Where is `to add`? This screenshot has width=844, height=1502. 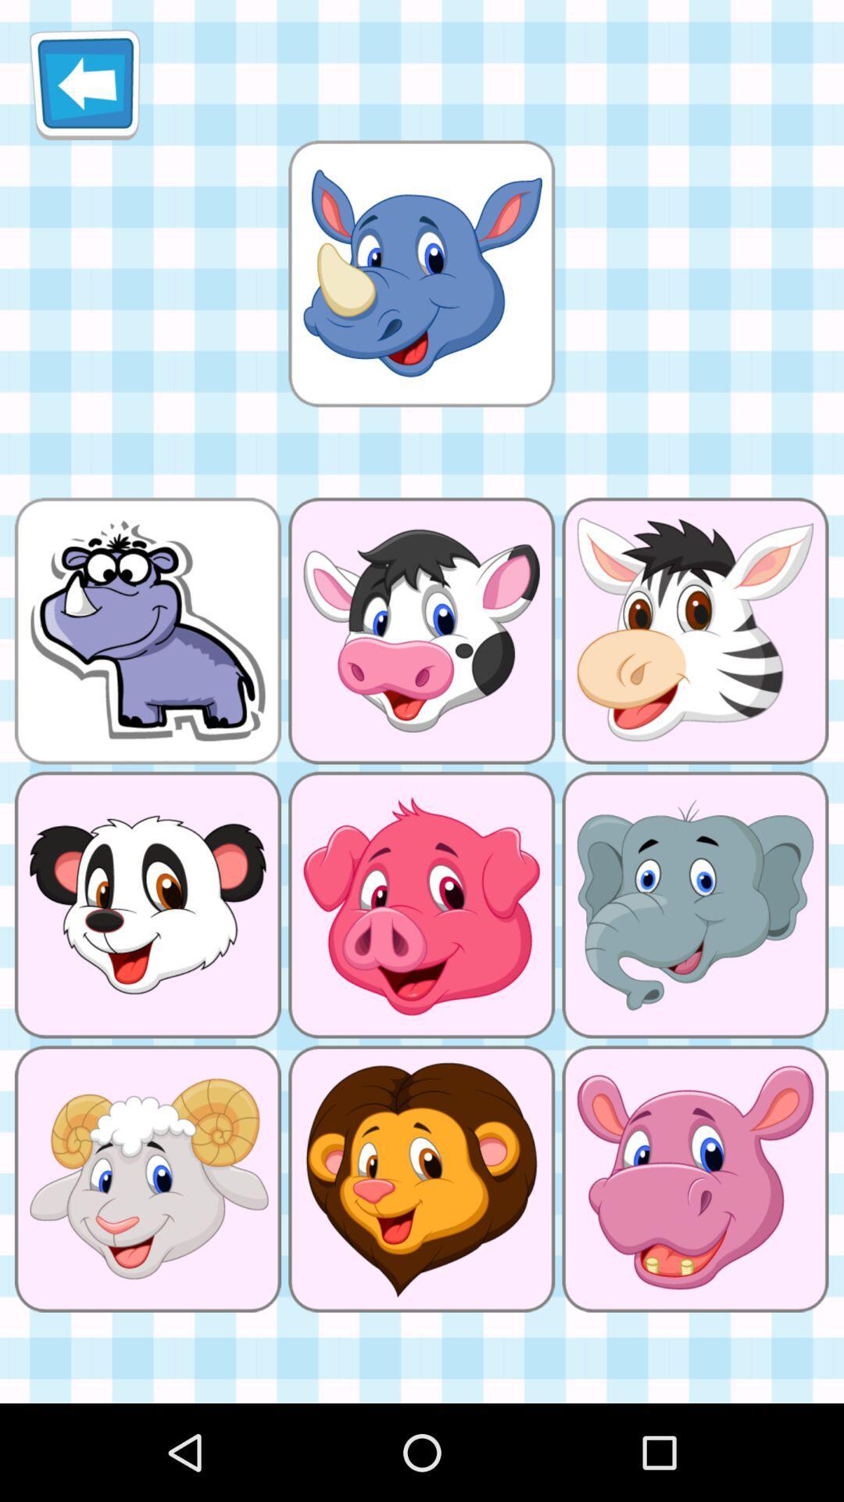 to add is located at coordinates (420, 273).